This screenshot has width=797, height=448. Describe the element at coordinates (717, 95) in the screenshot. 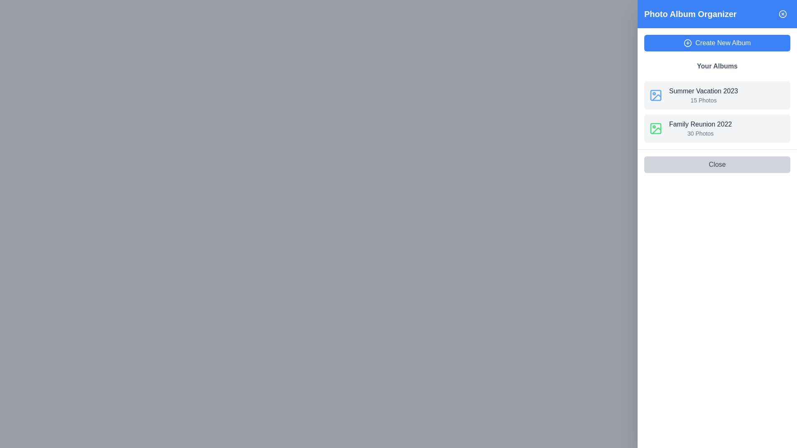

I see `the static display card for the album titled 'Summer Vacation 2023', located in the 'Your Albums' section of the 'Photo Album Organizer' panel` at that location.